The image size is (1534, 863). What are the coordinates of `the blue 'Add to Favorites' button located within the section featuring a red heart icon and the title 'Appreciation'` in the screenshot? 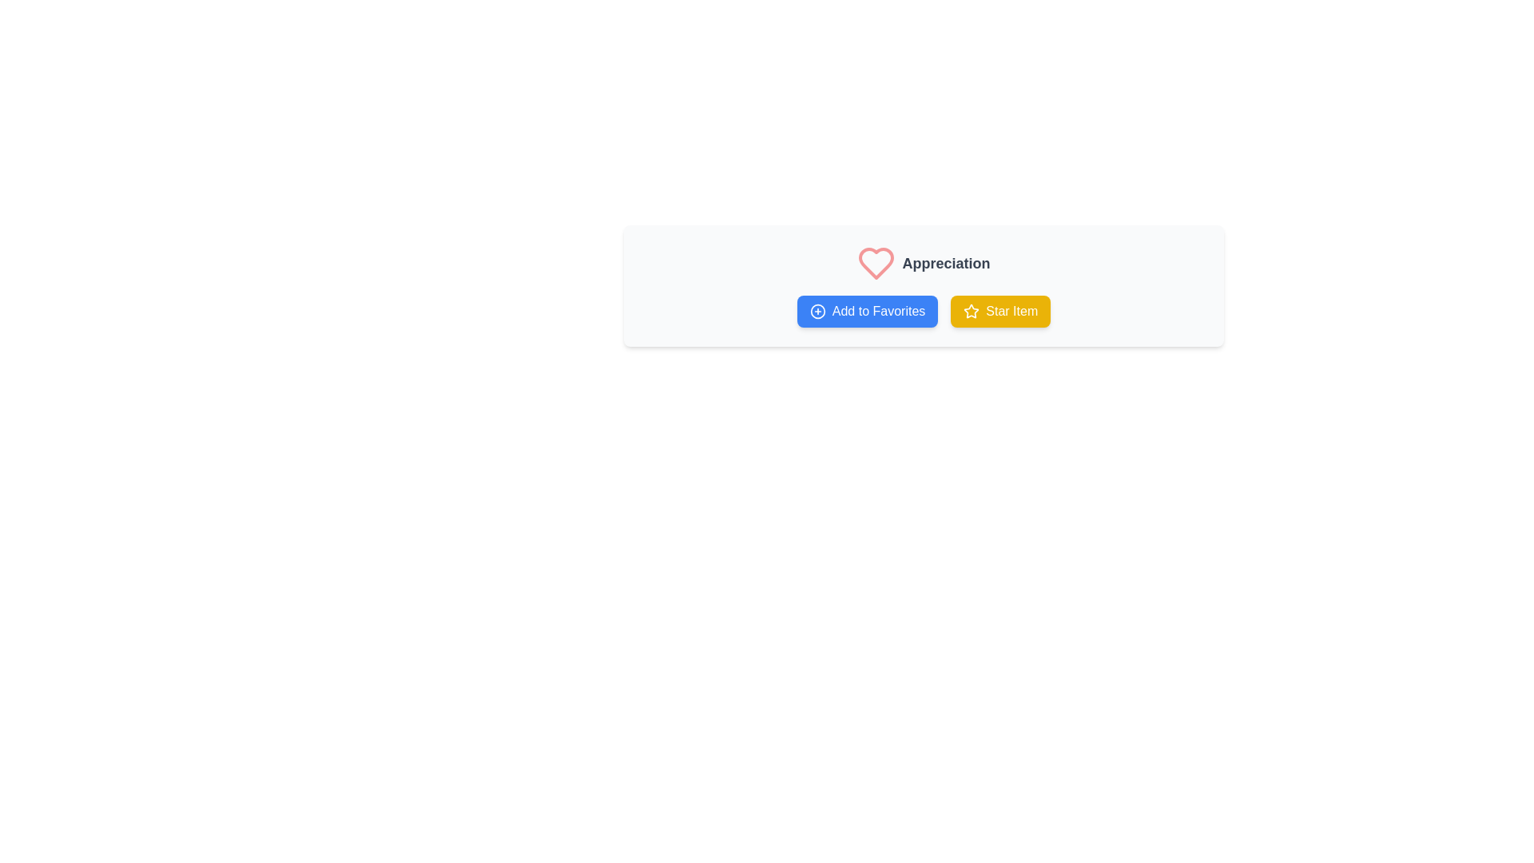 It's located at (924, 285).